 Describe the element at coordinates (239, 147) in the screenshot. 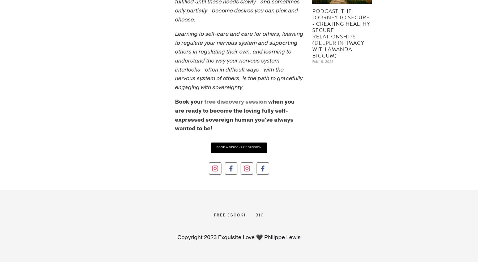

I see `'Book a Discovery Session'` at that location.